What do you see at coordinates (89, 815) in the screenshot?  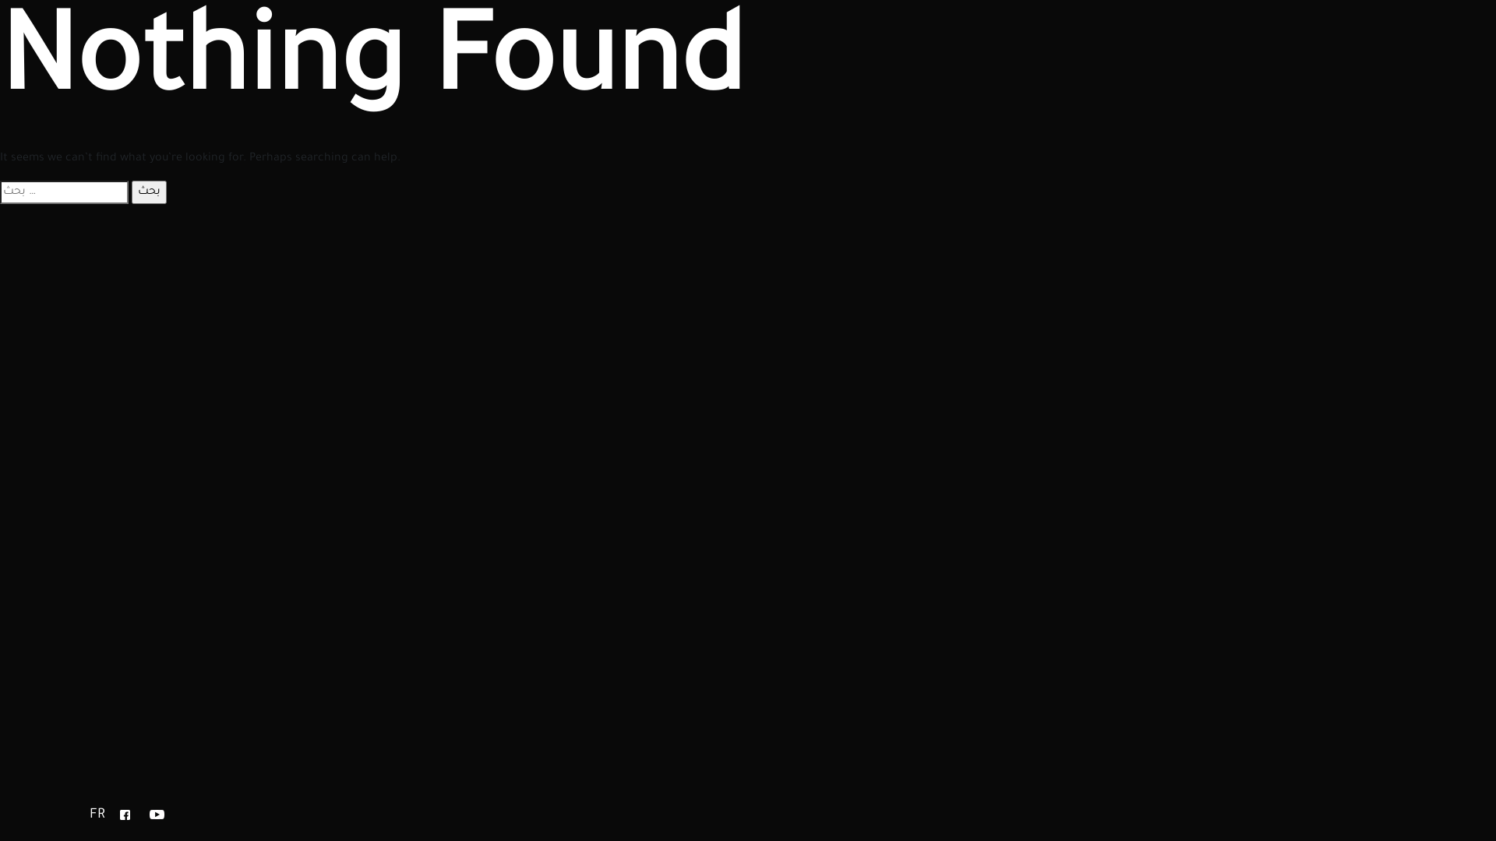 I see `'FR'` at bounding box center [89, 815].